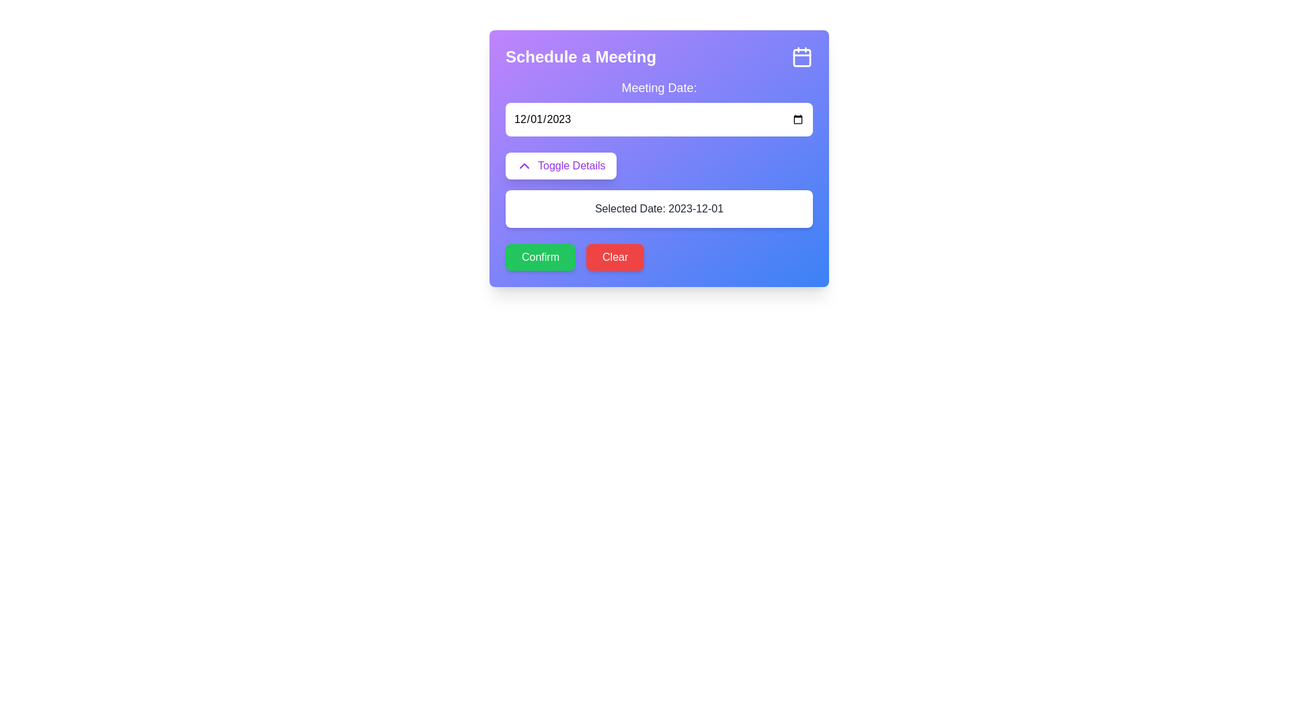 The height and width of the screenshot is (726, 1291). I want to click on the confirmation button located in the lower-left quadrant of the interface to change its appearance, so click(541, 257).